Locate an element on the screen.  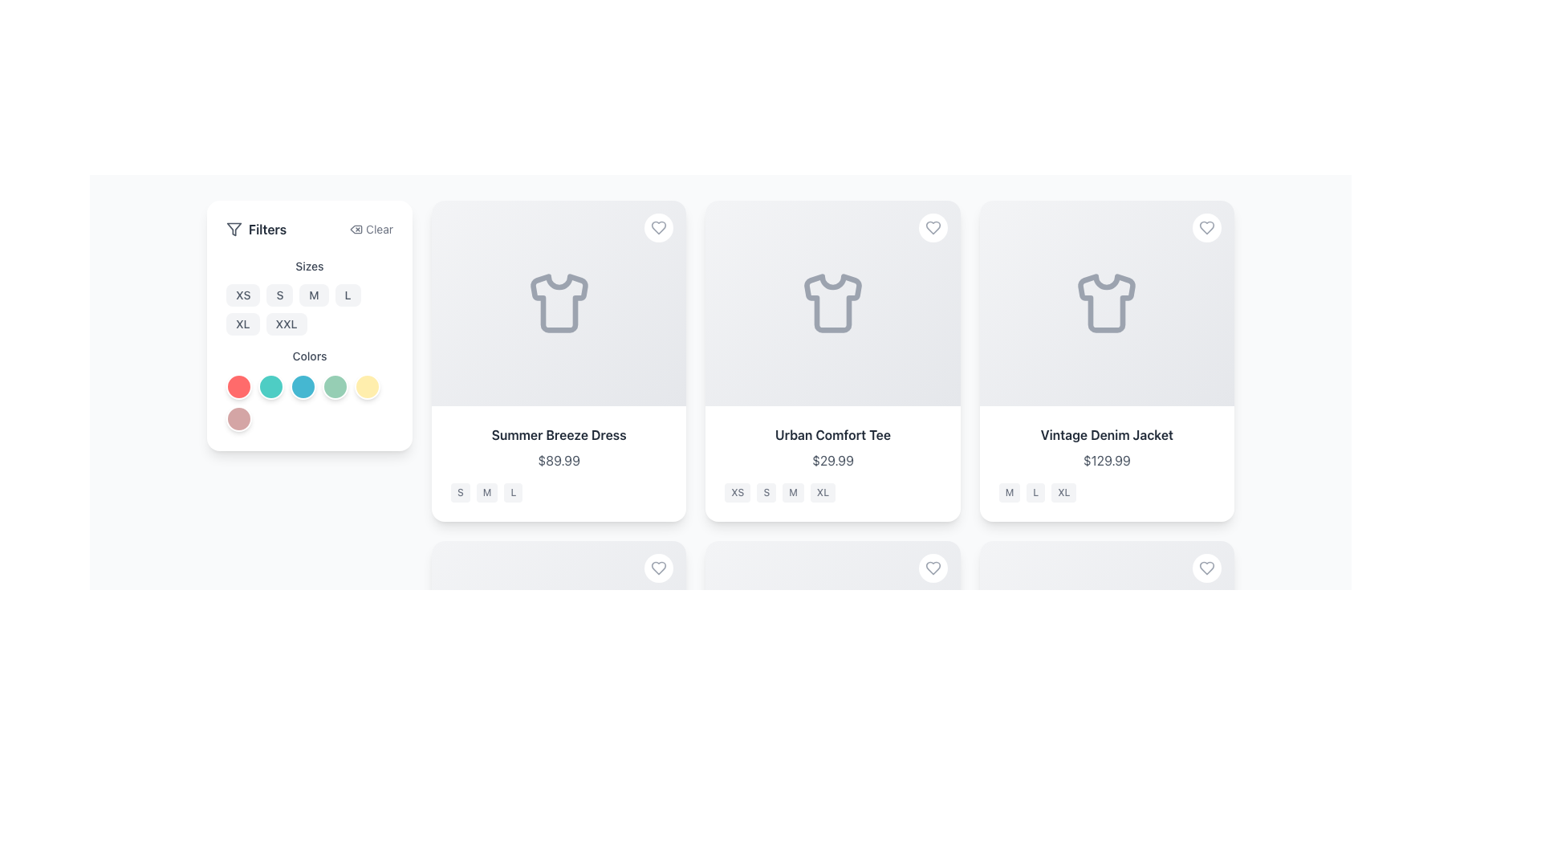
the button element located in the upper-right corner of the filter section of the sidebar to clear any active filters is located at coordinates (371, 229).